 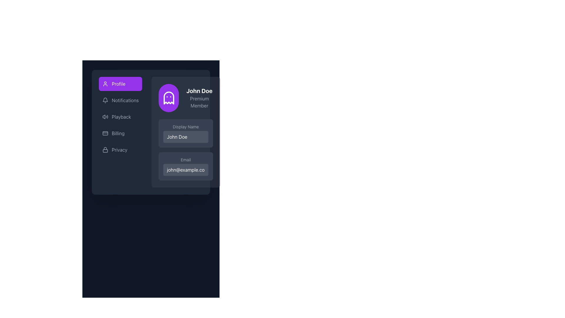 What do you see at coordinates (185, 133) in the screenshot?
I see `the light gray text input field labeled 'Display Name' to trigger the tooltip or focus indication` at bounding box center [185, 133].